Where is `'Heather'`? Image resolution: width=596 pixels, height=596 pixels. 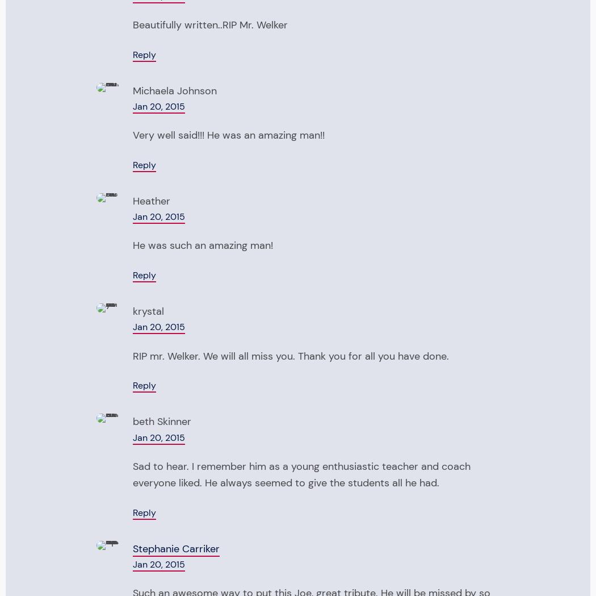
'Heather' is located at coordinates (151, 199).